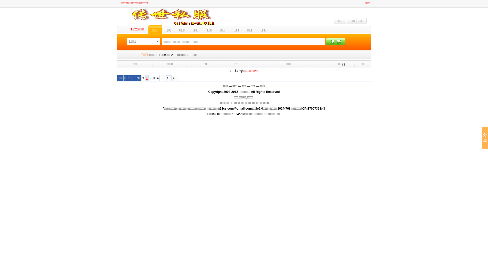 The height and width of the screenshot is (274, 488). I want to click on '5', so click(161, 78).